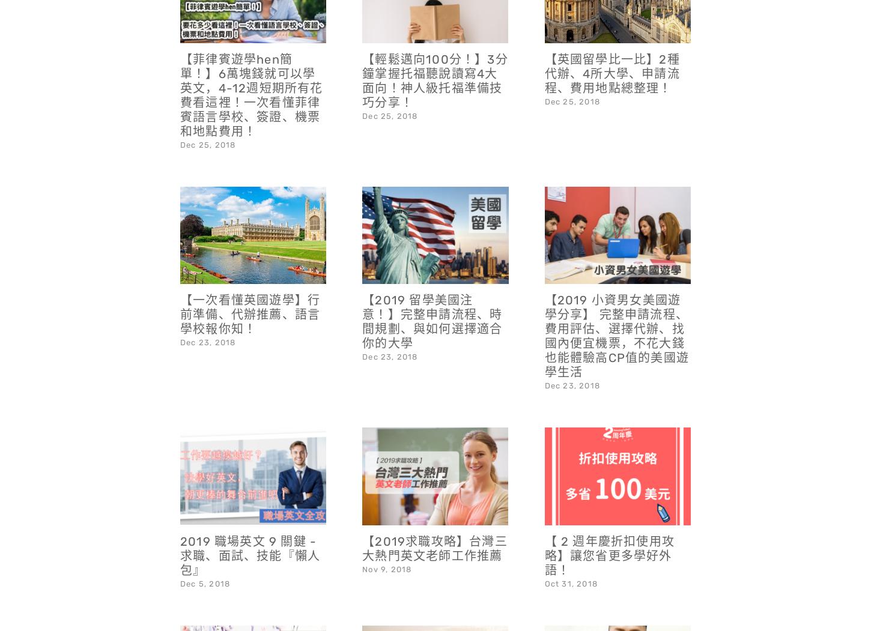 The width and height of the screenshot is (871, 631). I want to click on '【英國留學比一比】2種代辦、4所大學、申請流程、費用地點總整理！', so click(612, 41).